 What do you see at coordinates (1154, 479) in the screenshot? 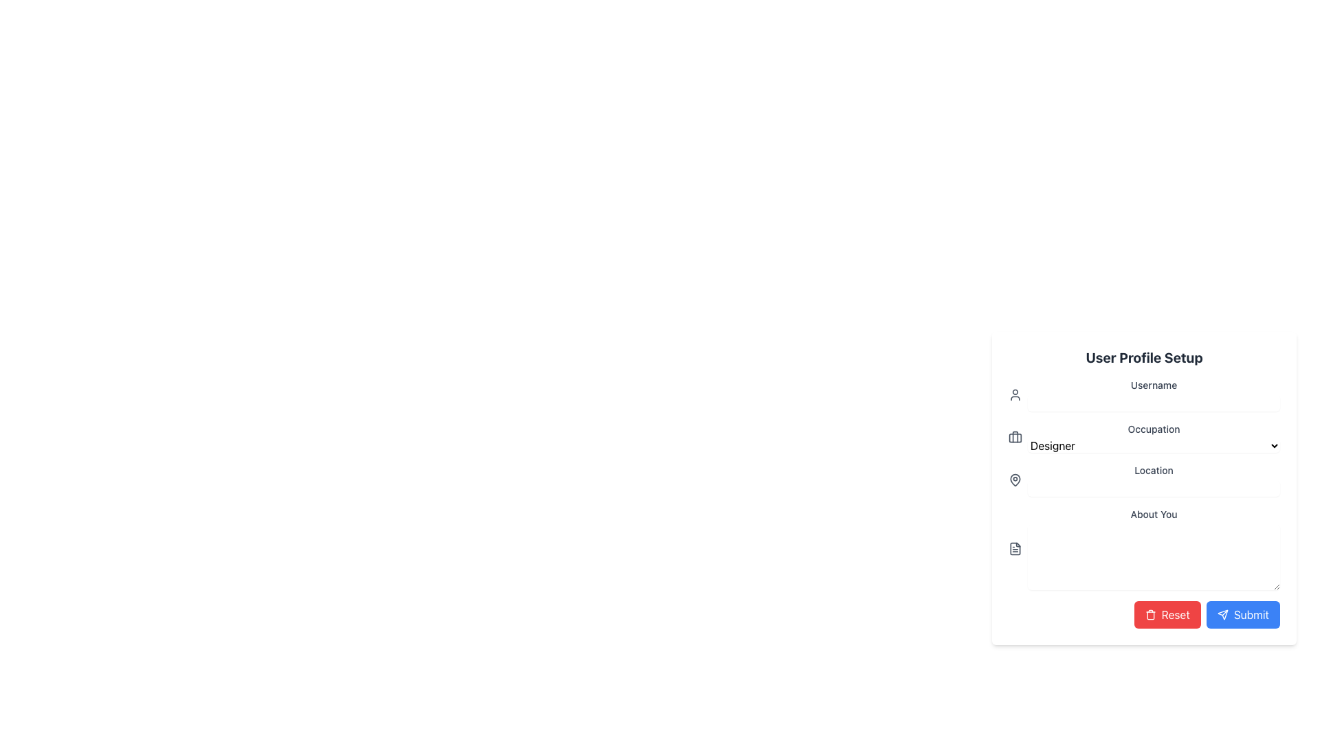
I see `the text input field for location information` at bounding box center [1154, 479].